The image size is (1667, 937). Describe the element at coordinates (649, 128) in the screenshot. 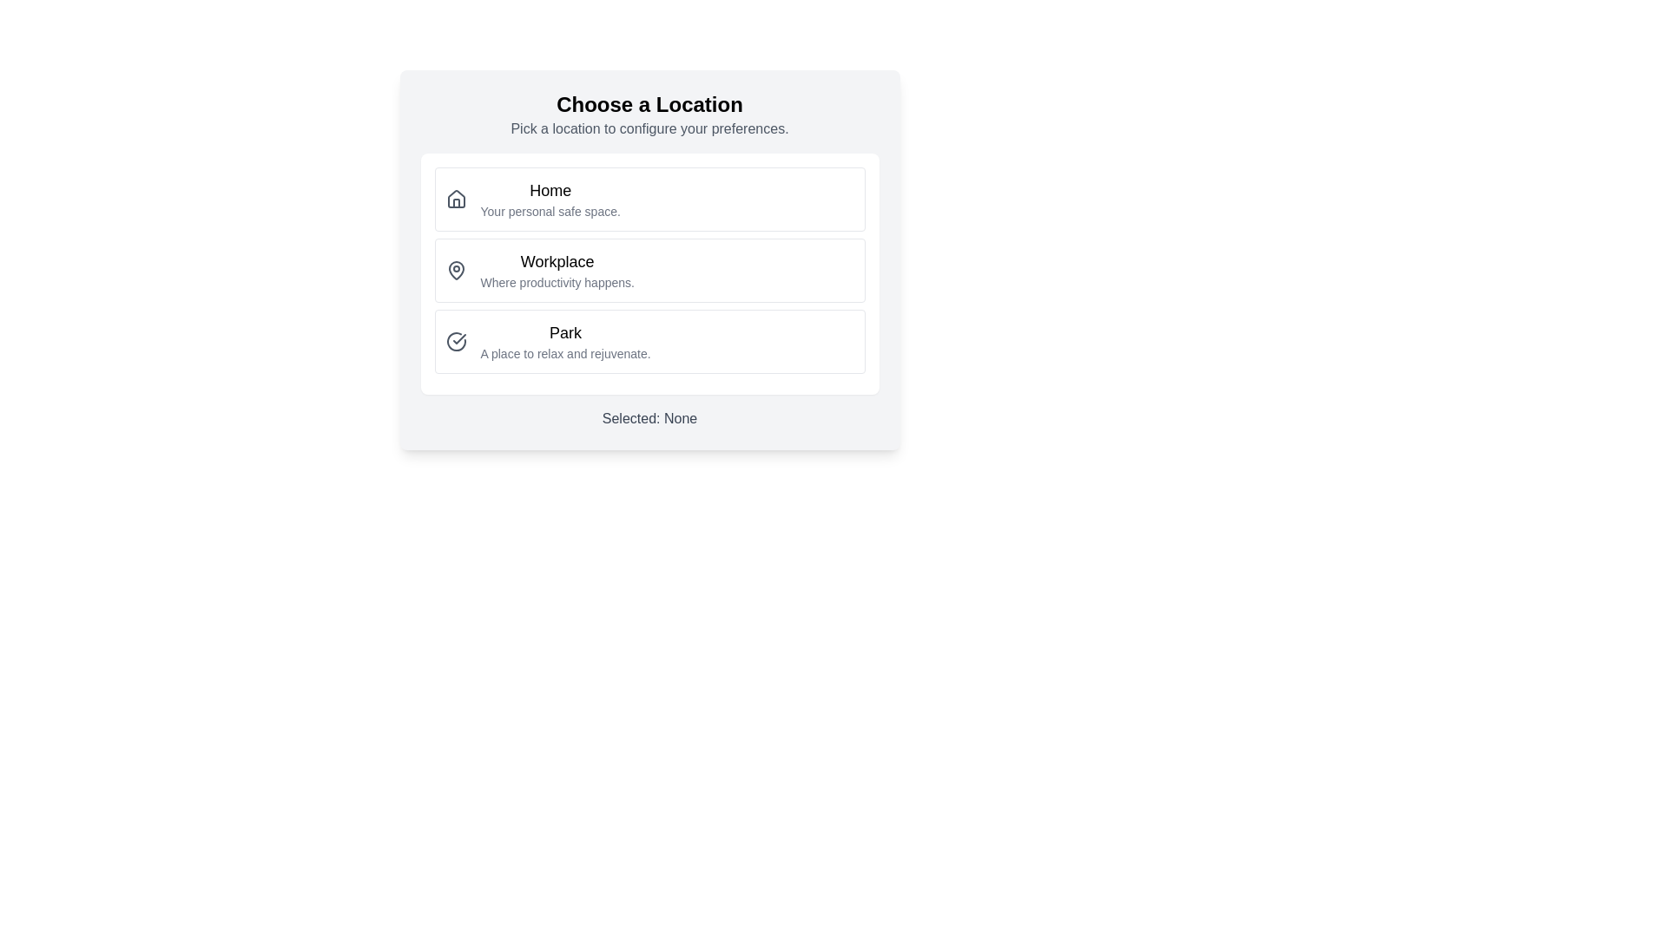

I see `the static text element that provides instructions beneath the title 'Choose a Location', which is centered within the card interface` at that location.